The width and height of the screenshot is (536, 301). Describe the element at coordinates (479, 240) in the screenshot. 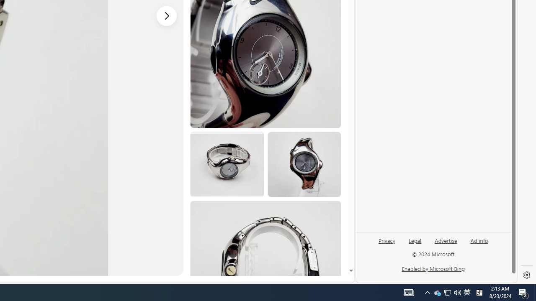

I see `'Ad info'` at that location.